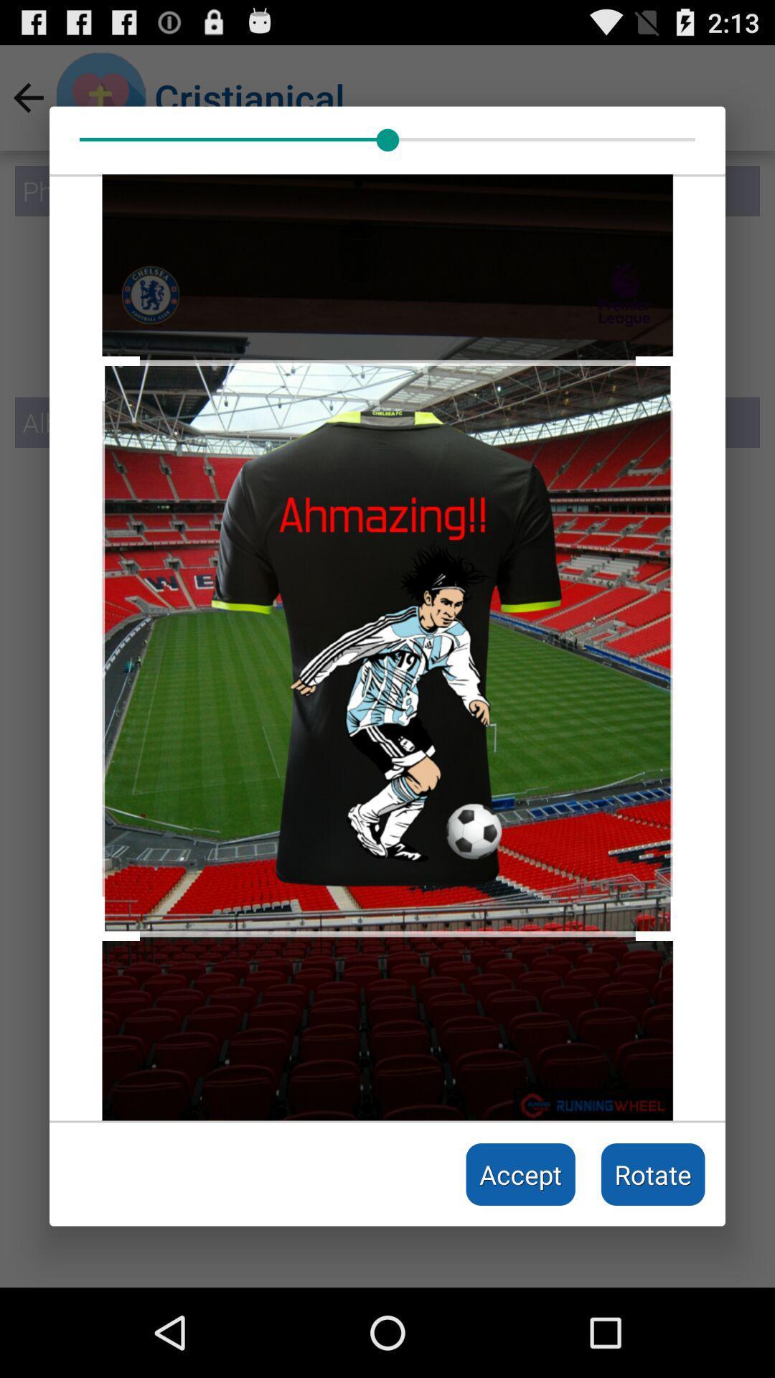 The width and height of the screenshot is (775, 1378). I want to click on the item to the left of rotate icon, so click(520, 1174).